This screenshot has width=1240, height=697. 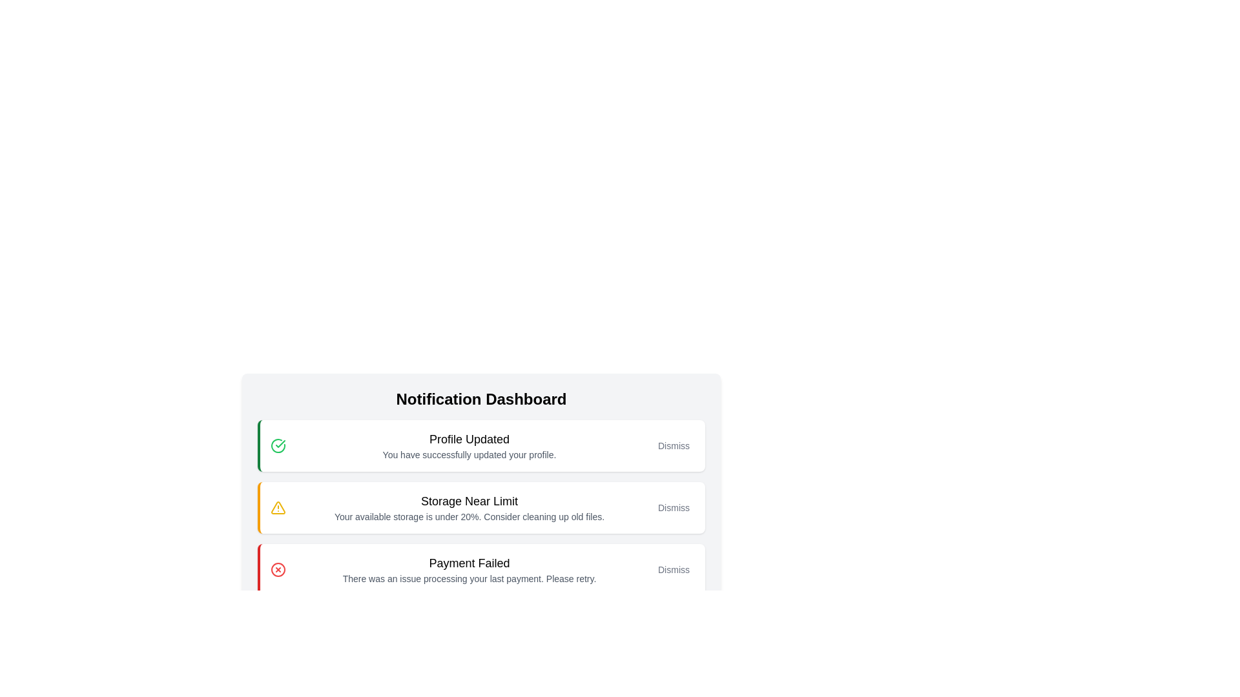 What do you see at coordinates (468, 445) in the screenshot?
I see `the notification message that indicates 'Profile Updated' with the subtext 'You have successfully updated your profile.'` at bounding box center [468, 445].